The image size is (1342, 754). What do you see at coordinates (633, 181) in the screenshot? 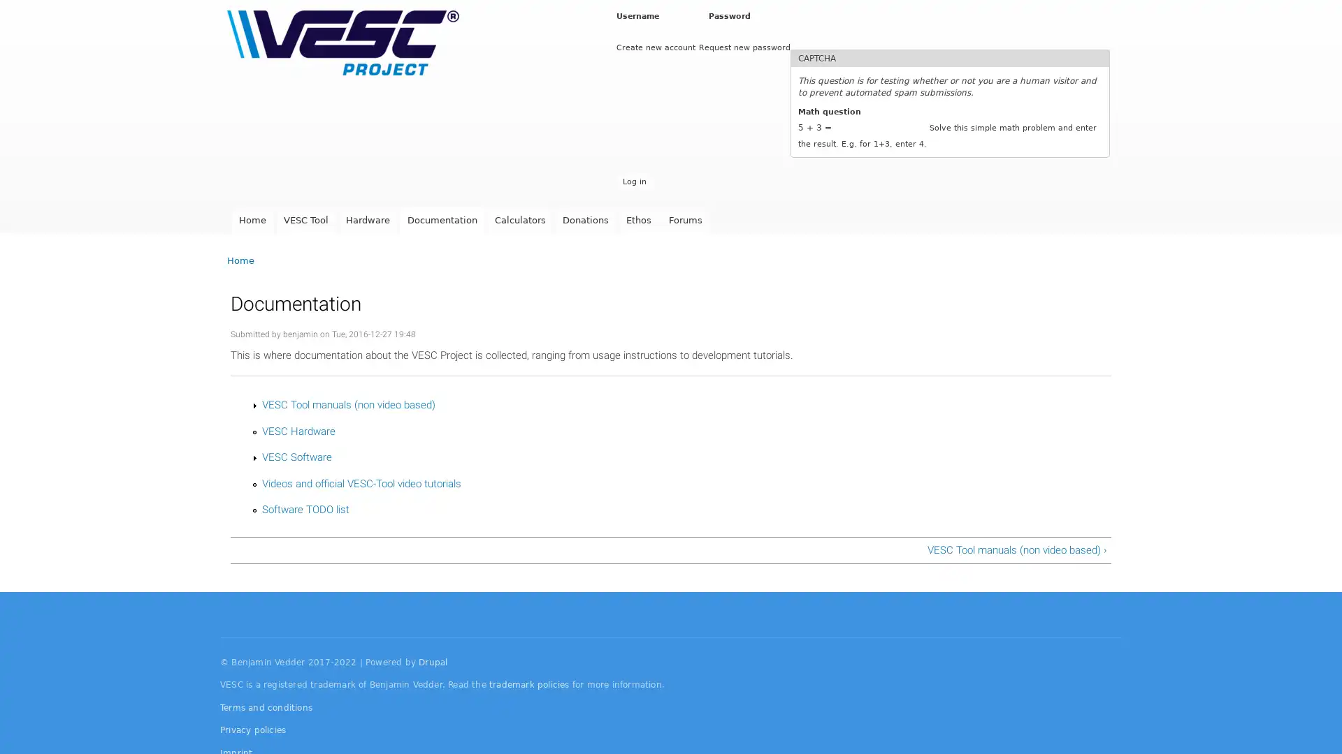
I see `Log in` at bounding box center [633, 181].